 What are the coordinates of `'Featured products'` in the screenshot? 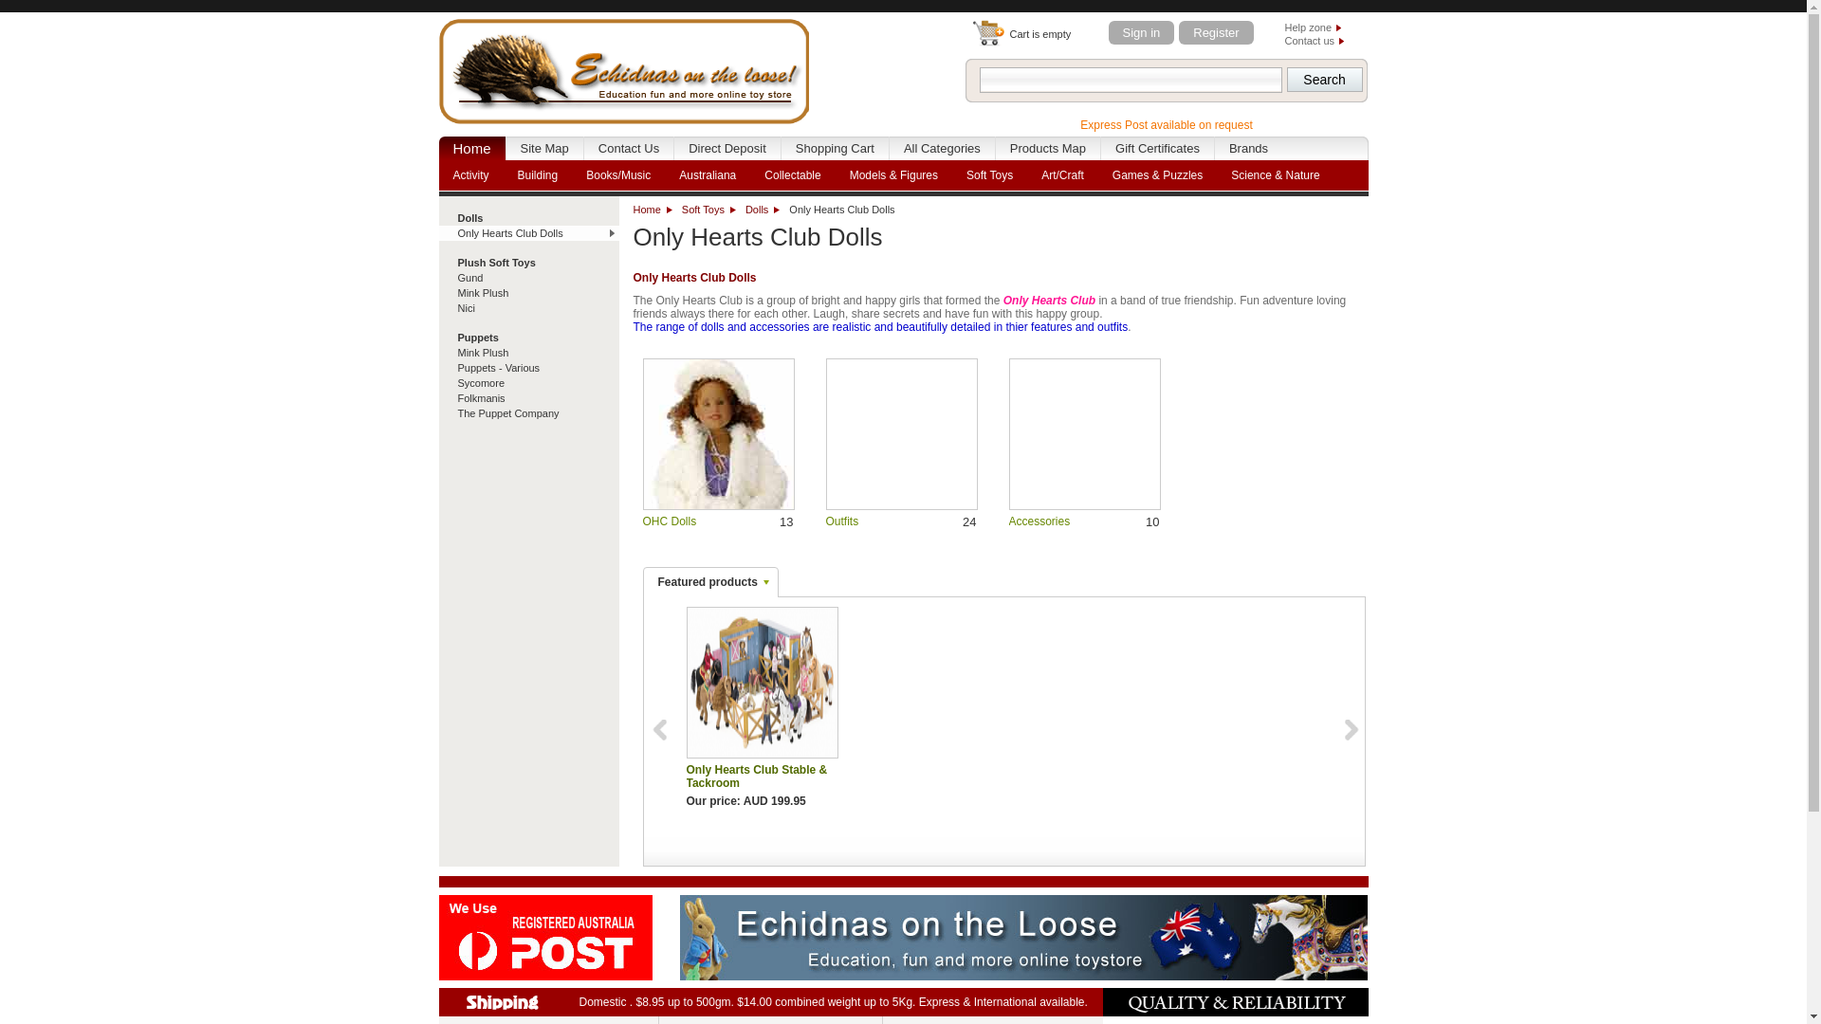 It's located at (708, 581).